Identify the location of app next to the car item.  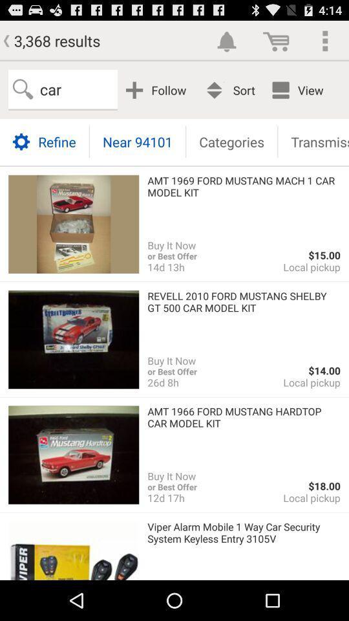
(158, 89).